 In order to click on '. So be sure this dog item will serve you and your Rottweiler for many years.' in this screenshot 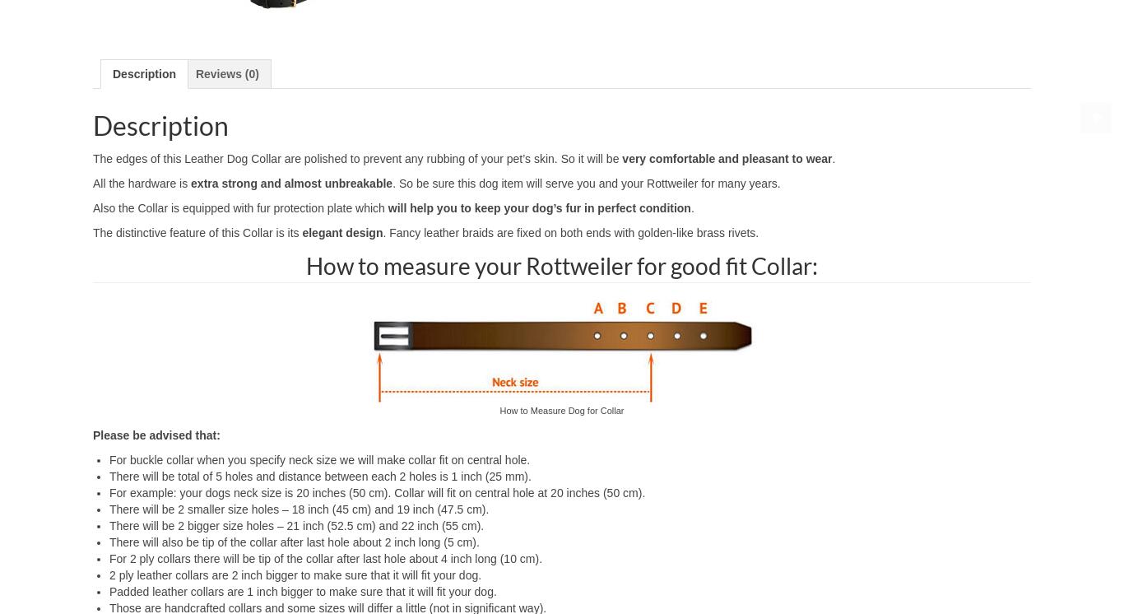, I will do `click(586, 182)`.